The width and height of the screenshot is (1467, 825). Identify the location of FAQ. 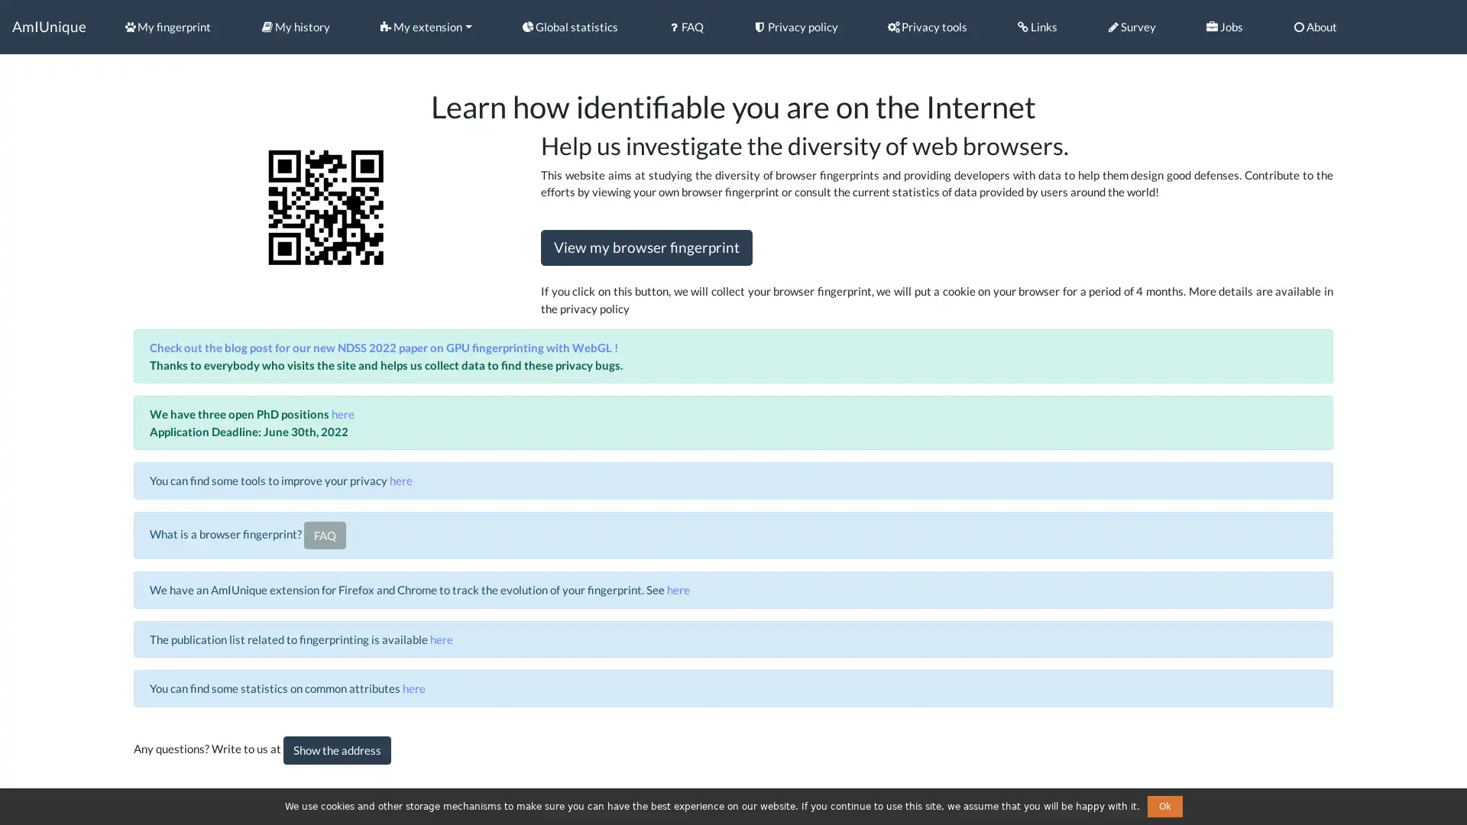
(323, 534).